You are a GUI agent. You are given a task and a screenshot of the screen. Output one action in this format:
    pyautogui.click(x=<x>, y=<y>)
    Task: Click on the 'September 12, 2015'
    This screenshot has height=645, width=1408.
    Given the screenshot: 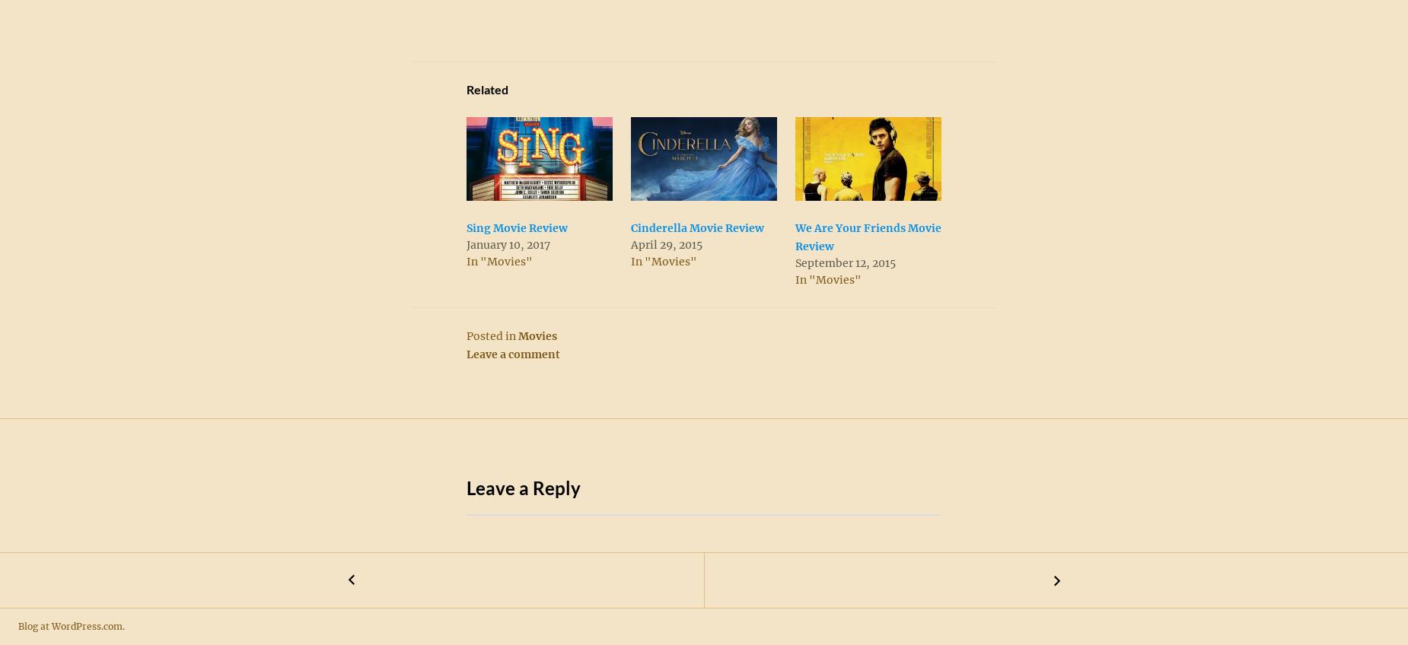 What is the action you would take?
    pyautogui.click(x=844, y=262)
    